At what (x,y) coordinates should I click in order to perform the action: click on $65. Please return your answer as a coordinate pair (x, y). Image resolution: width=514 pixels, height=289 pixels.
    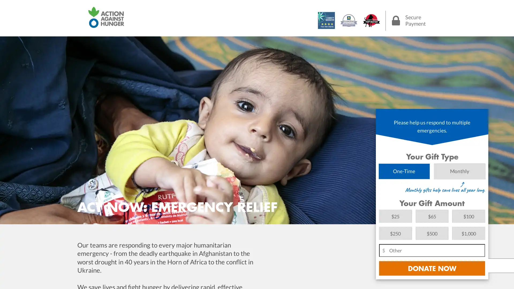
    Looking at the image, I should click on (432, 216).